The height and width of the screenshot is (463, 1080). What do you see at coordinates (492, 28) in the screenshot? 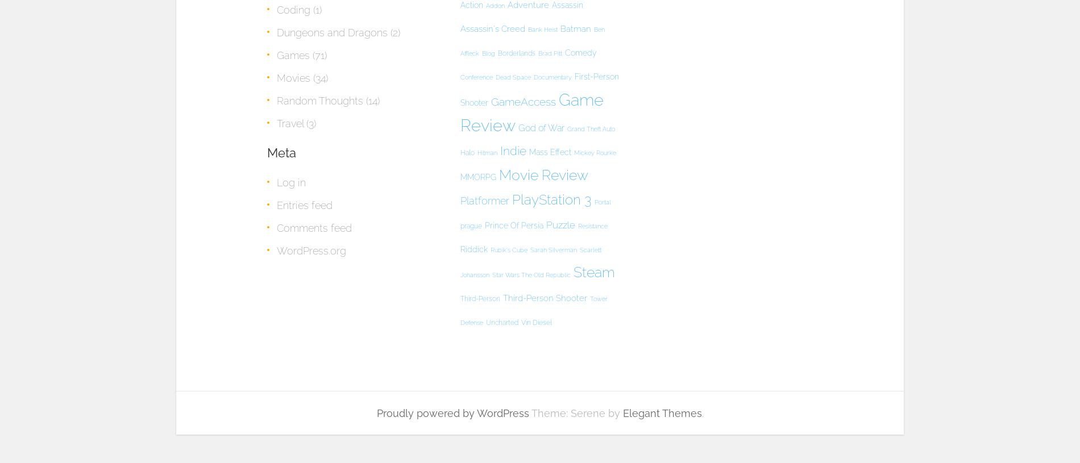
I see `'Assassin's Creed'` at bounding box center [492, 28].